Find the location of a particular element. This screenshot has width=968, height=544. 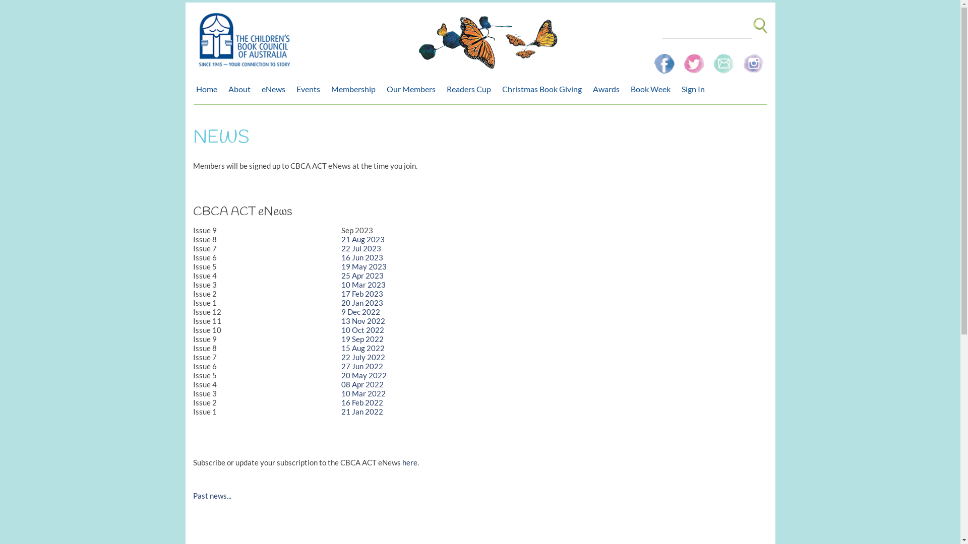

'20 Jan 2023' is located at coordinates (362, 302).